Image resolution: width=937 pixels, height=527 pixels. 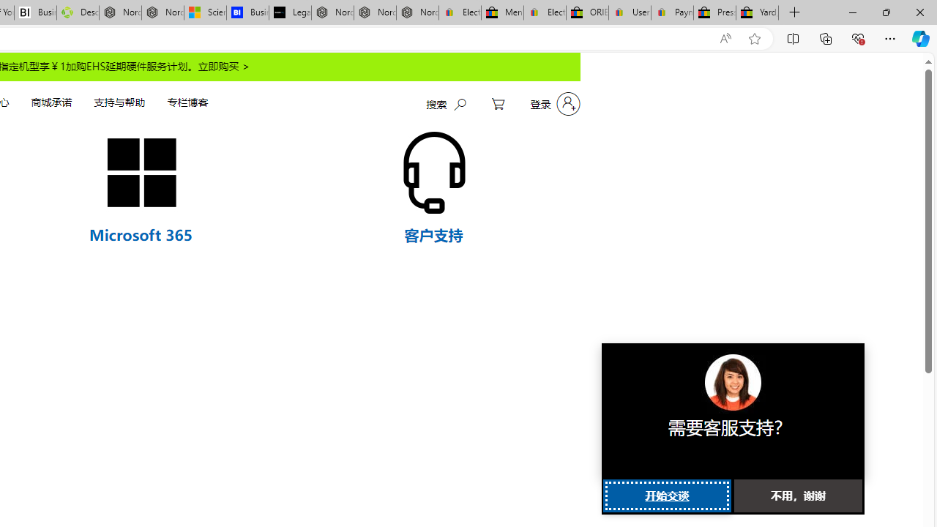 I want to click on 'Descarga Driver Updater', so click(x=77, y=12).